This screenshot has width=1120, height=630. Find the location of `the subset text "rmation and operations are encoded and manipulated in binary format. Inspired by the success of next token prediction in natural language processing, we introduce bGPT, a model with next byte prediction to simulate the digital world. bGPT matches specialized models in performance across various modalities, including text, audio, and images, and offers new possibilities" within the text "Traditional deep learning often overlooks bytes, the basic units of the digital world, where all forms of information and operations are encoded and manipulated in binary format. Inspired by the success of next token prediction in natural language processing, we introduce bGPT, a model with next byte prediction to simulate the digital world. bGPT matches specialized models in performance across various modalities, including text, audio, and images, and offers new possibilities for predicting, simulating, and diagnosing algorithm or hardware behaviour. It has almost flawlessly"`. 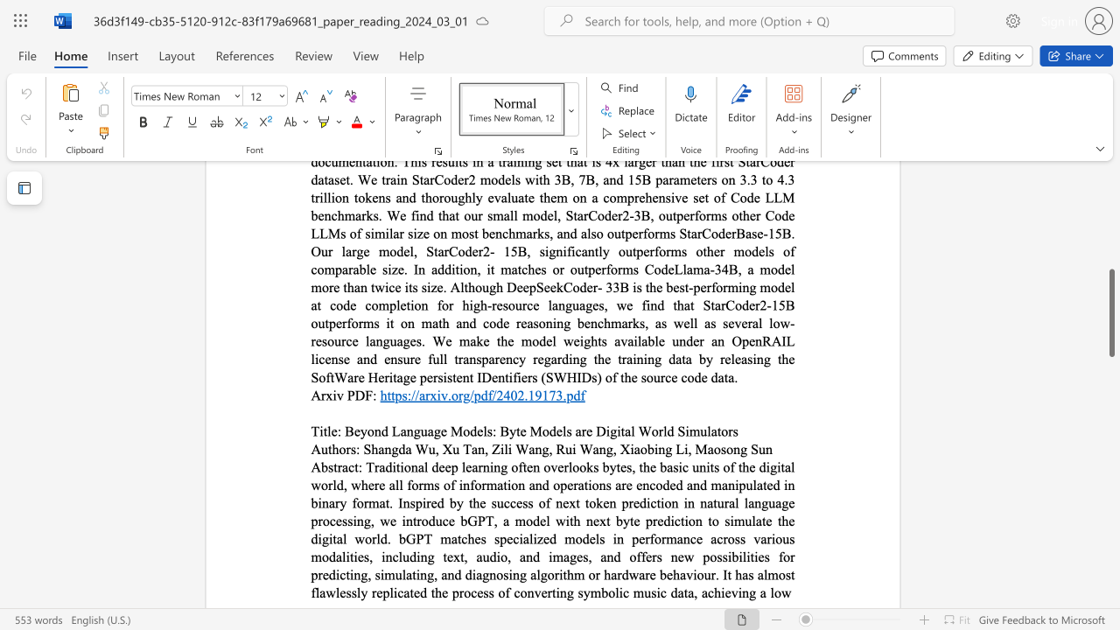

the subset text "rmation and operations are encoded and manipulated in binary format. Inspired by the success of next token prediction in natural language processing, we introduce bGPT, a model with next byte prediction to simulate the digital world. bGPT matches specialized models in performance across various modalities, including text, audio, and images, and offers new possibilities" within the text "Traditional deep learning often overlooks bytes, the basic units of the digital world, where all forms of information and operations are encoded and manipulated in binary format. Inspired by the success of next token prediction in natural language processing, we introduce bGPT, a model with next byte prediction to simulate the digital world. bGPT matches specialized models in performance across various modalities, including text, audio, and images, and offers new possibilities for predicting, simulating, and diagnosing algorithm or hardware behaviour. It has almost flawlessly" is located at coordinates (481, 485).